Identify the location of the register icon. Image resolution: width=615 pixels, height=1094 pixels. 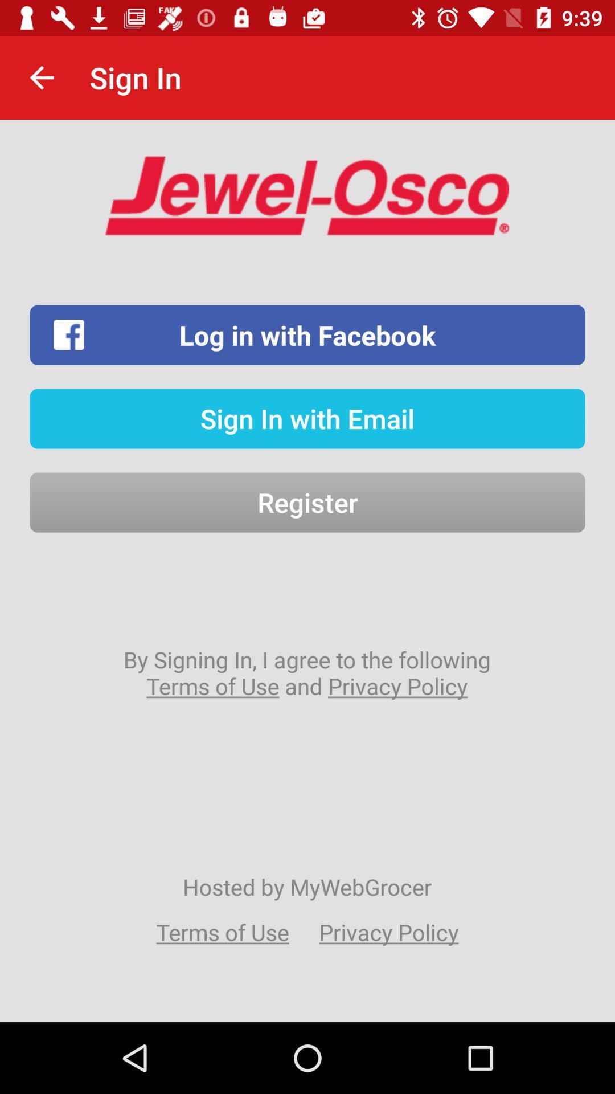
(307, 502).